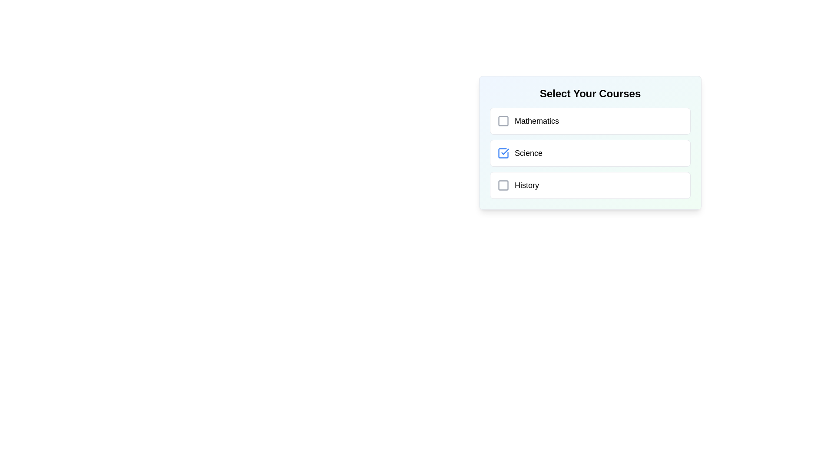 This screenshot has height=469, width=834. What do you see at coordinates (503, 121) in the screenshot?
I see `the SVG Checkbox element located next to the 'Mathematics' text label` at bounding box center [503, 121].